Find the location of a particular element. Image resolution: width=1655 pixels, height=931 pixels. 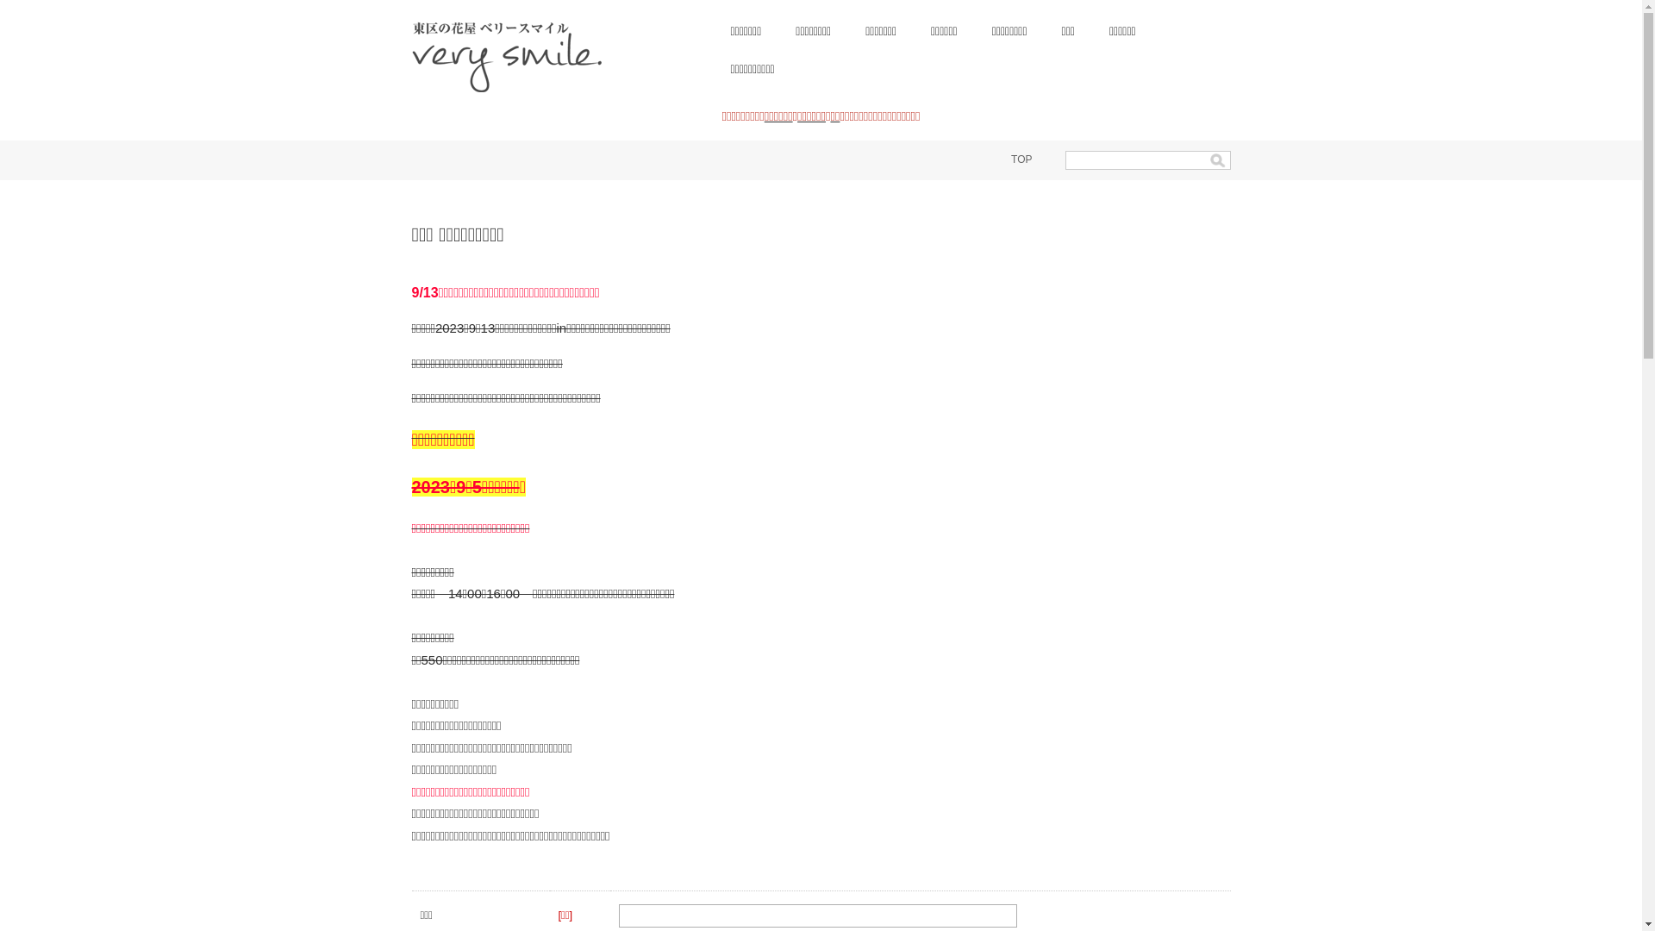

'TOP' is located at coordinates (1021, 159).